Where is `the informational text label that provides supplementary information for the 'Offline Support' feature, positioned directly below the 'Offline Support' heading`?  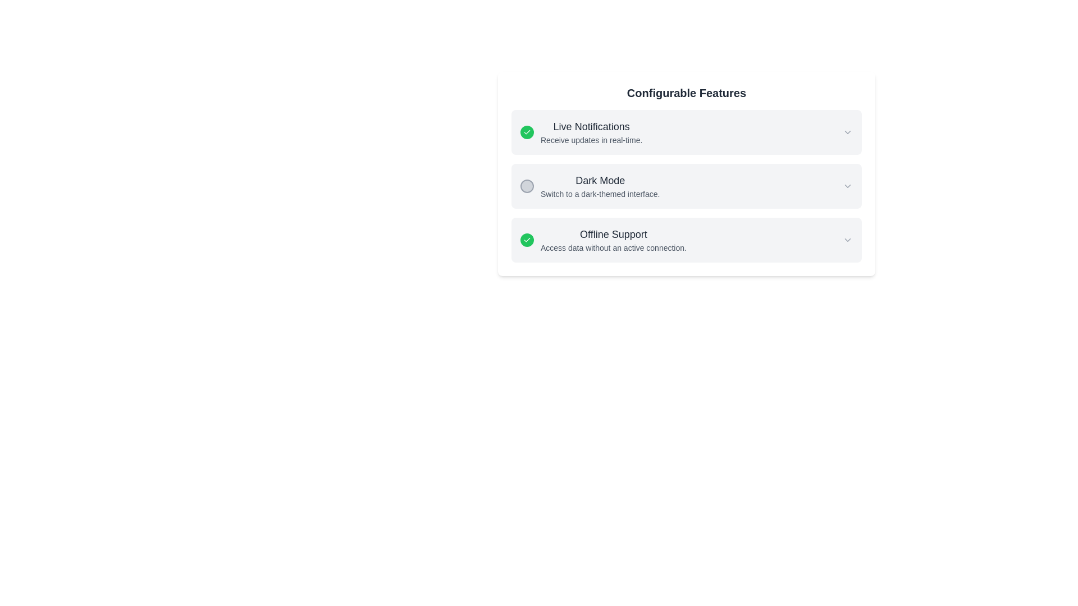 the informational text label that provides supplementary information for the 'Offline Support' feature, positioned directly below the 'Offline Support' heading is located at coordinates (613, 247).